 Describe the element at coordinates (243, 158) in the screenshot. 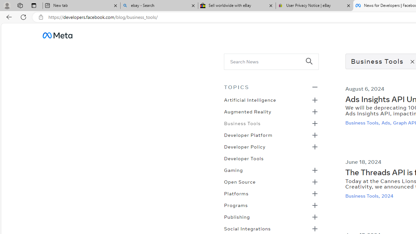

I see `'Developer Tools'` at that location.